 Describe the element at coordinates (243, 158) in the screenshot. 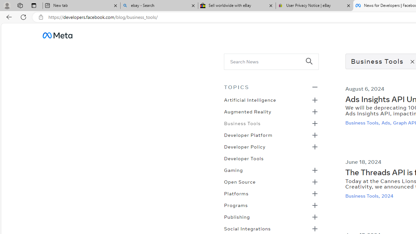

I see `'Developer Tools'` at that location.